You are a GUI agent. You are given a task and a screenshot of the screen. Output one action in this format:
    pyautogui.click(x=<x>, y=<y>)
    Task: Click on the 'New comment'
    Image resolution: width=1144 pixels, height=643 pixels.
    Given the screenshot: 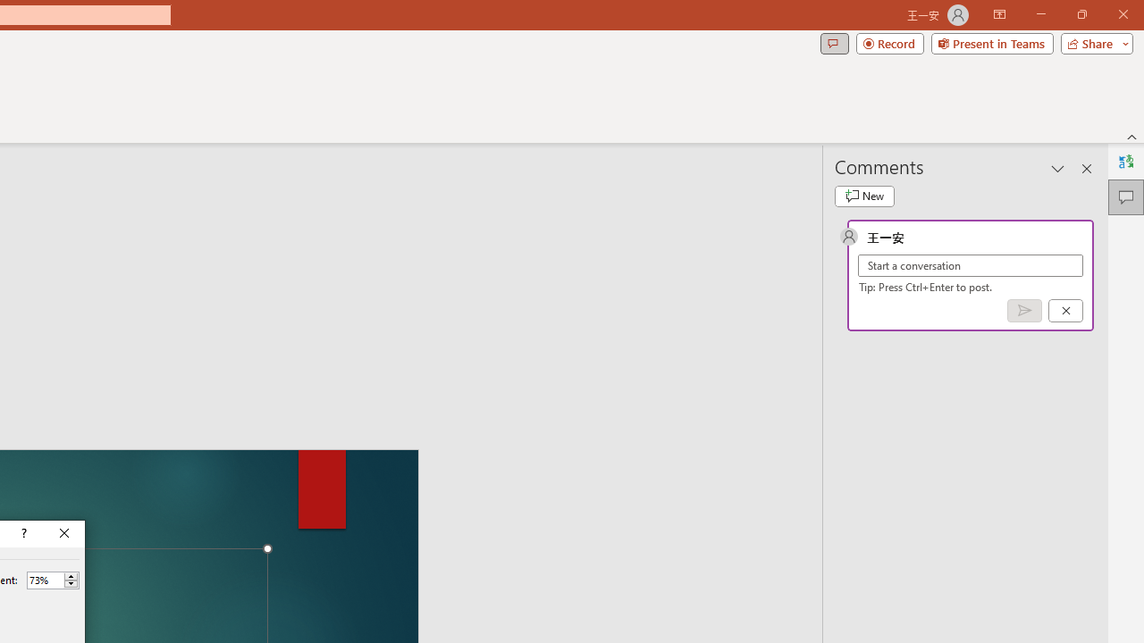 What is the action you would take?
    pyautogui.click(x=864, y=196)
    